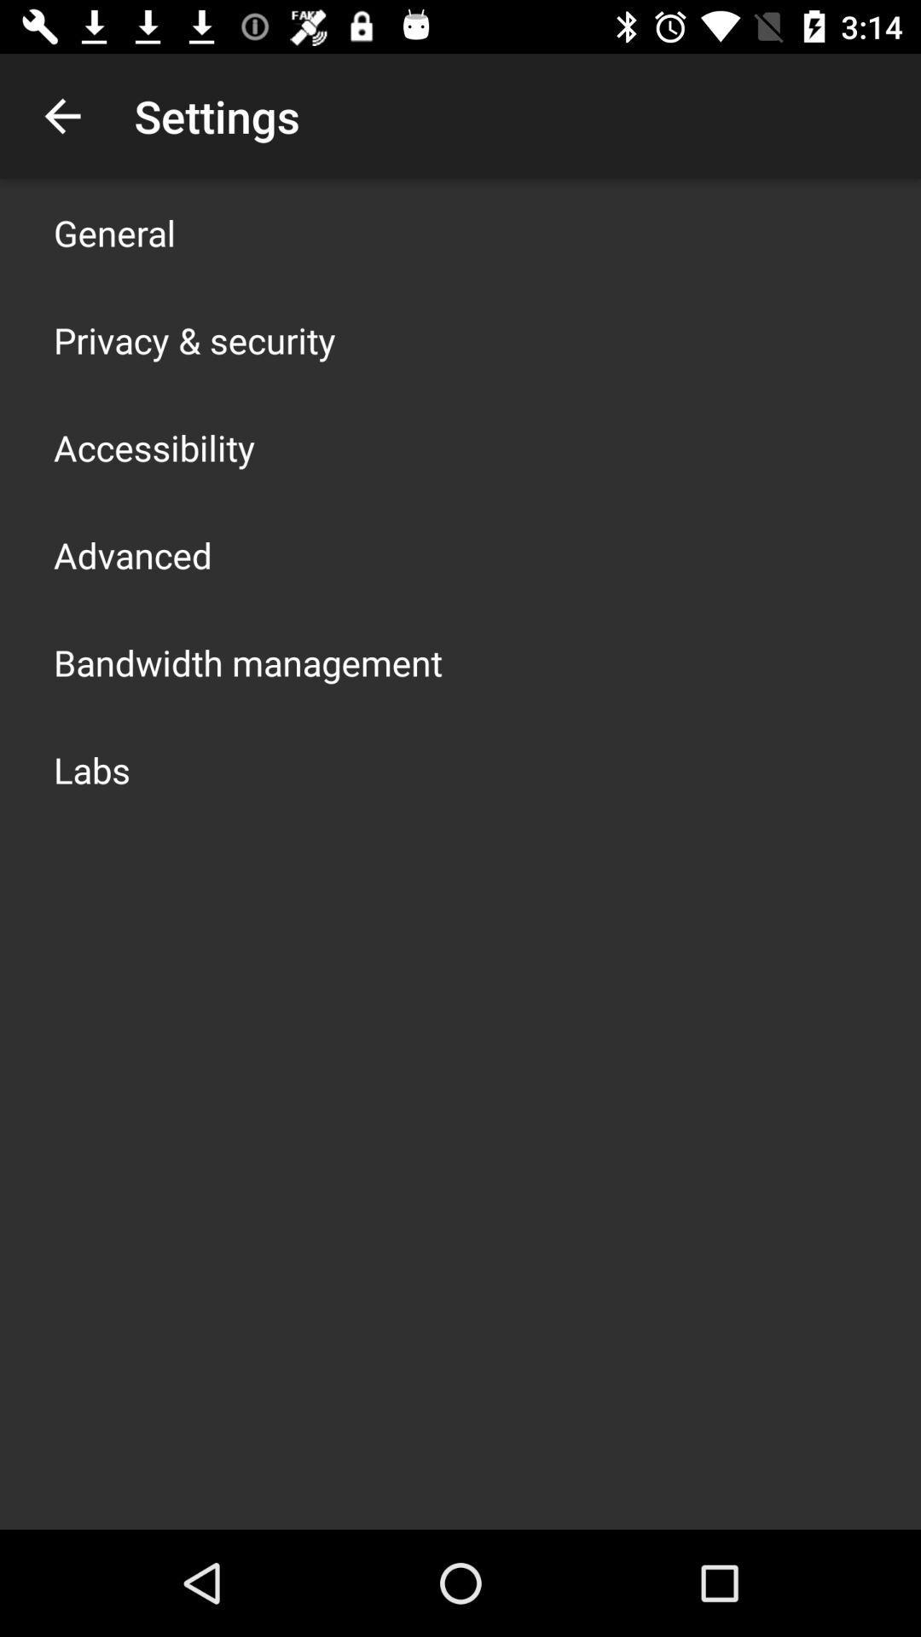 Image resolution: width=921 pixels, height=1637 pixels. Describe the element at coordinates (247, 662) in the screenshot. I see `icon below the advanced` at that location.